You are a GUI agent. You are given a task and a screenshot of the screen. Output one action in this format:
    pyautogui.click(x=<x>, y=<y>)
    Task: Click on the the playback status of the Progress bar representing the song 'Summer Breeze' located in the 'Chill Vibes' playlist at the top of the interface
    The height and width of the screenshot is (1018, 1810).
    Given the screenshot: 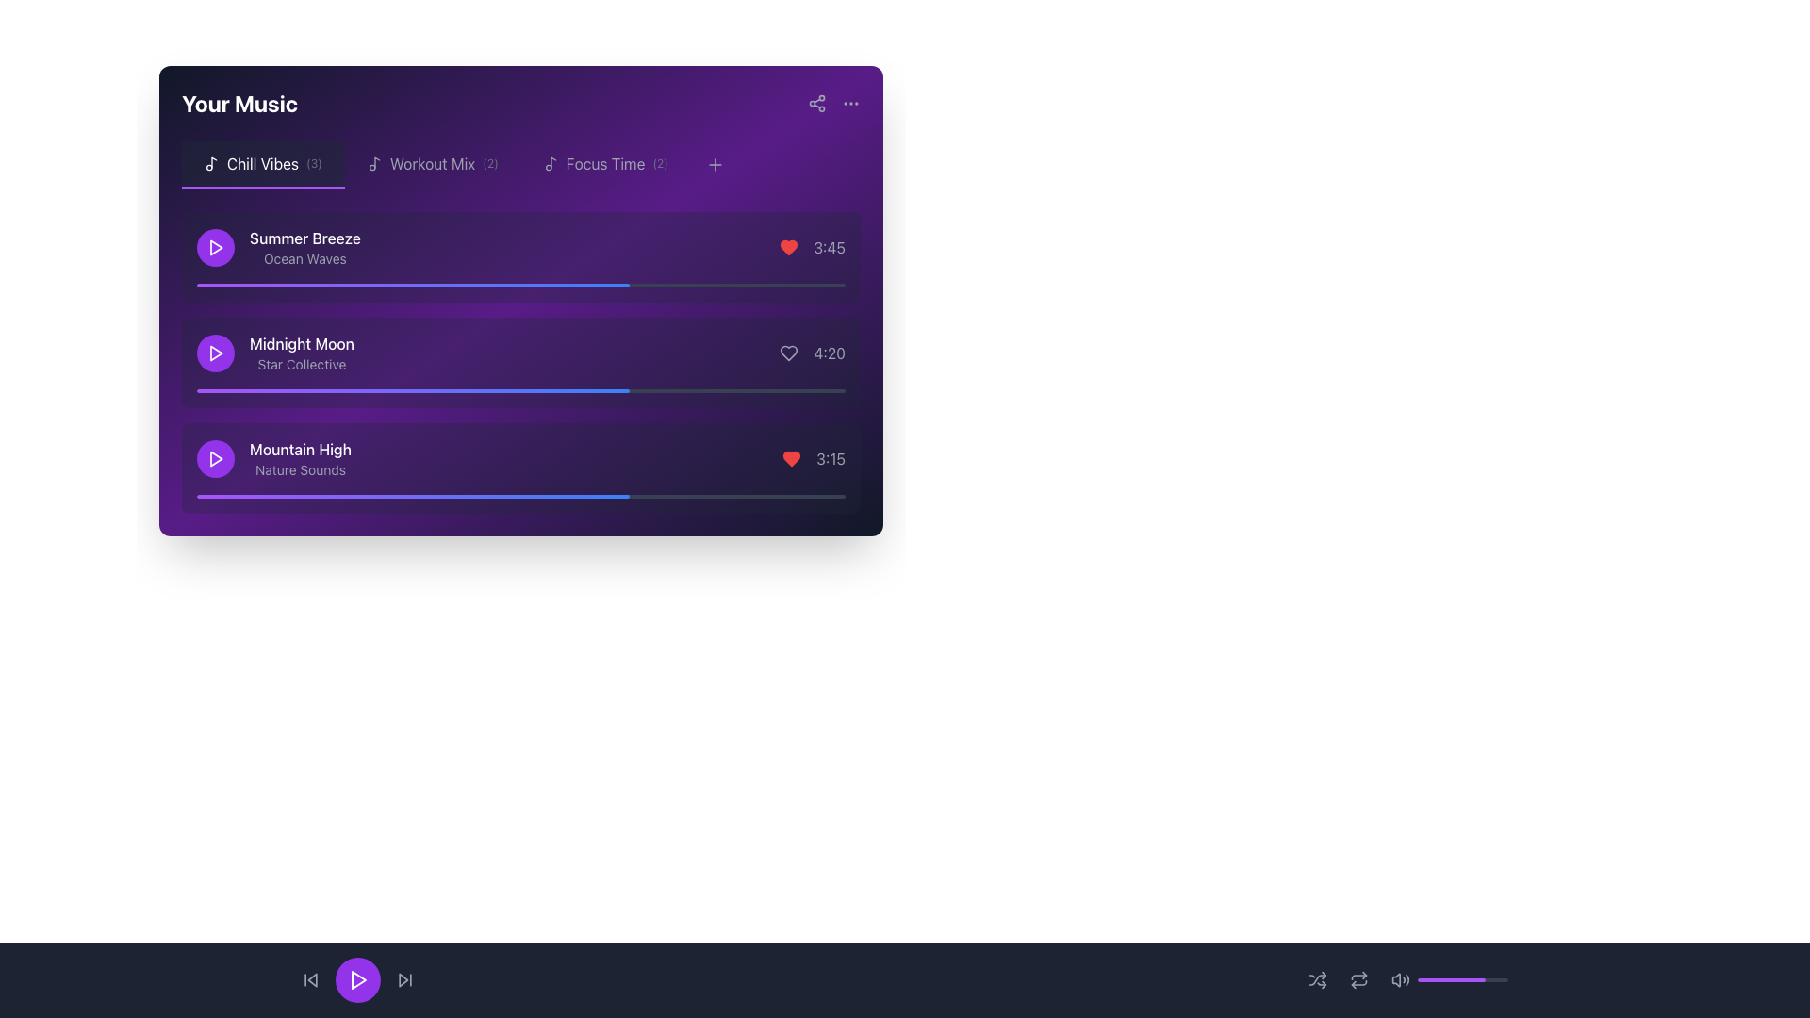 What is the action you would take?
    pyautogui.click(x=412, y=286)
    